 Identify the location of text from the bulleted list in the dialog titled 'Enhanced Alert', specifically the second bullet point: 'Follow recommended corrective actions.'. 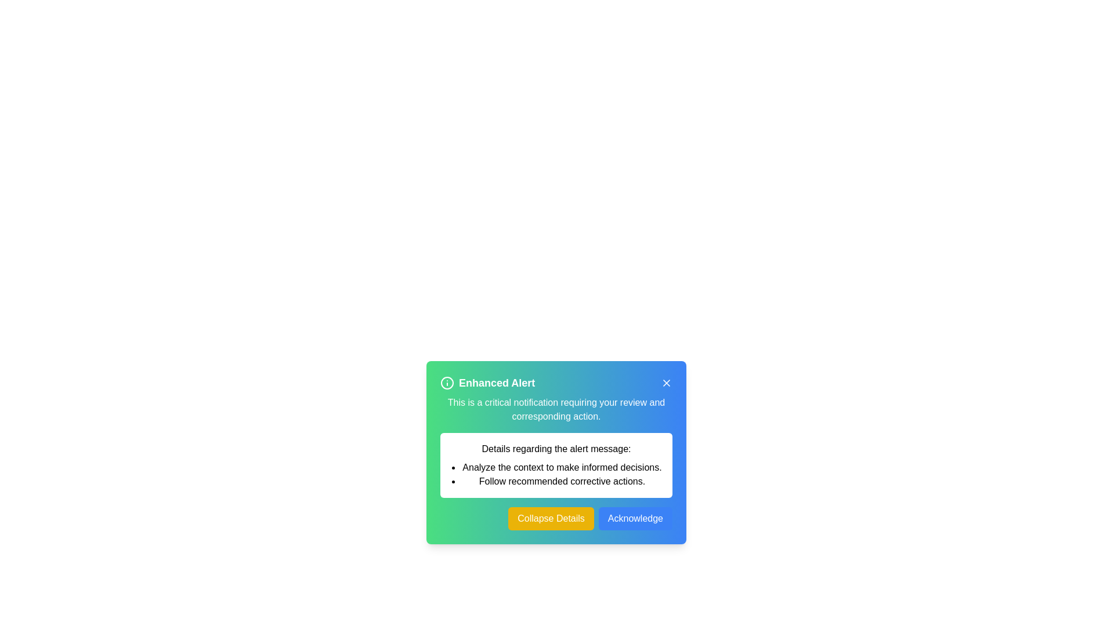
(556, 474).